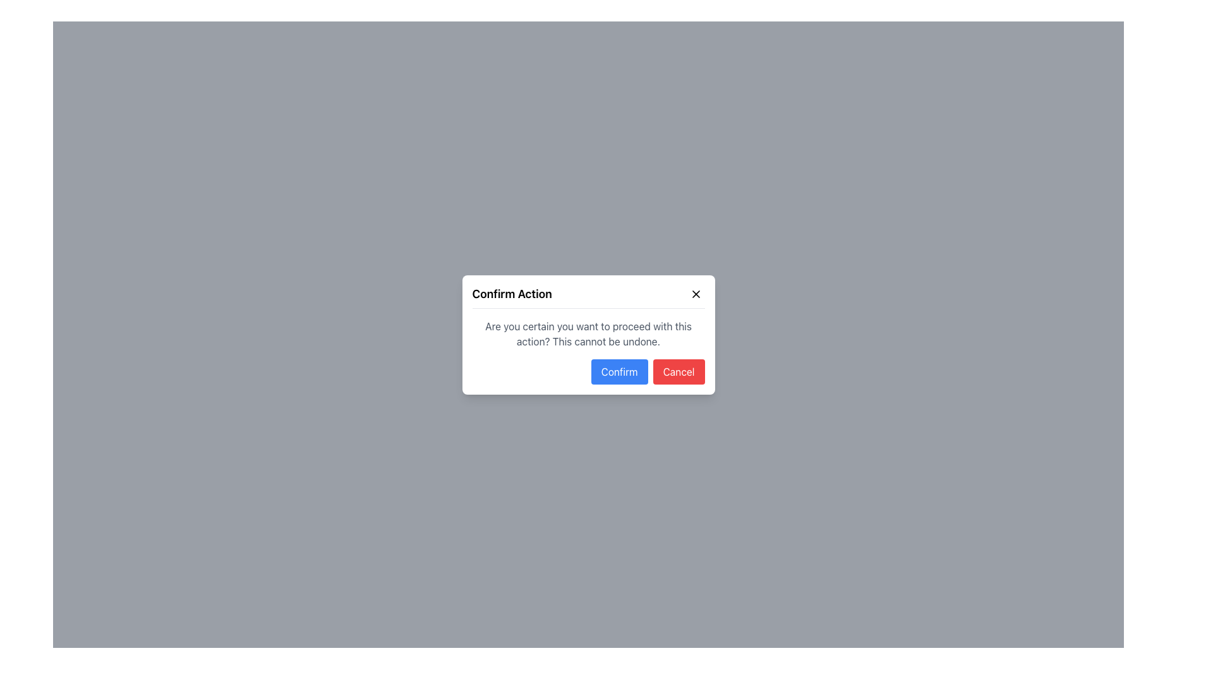 Image resolution: width=1213 pixels, height=682 pixels. What do you see at coordinates (678, 371) in the screenshot?
I see `the 'Cancel' button, which is a rectangular button with a red background and white text, located at the bottom-right of the dialog box` at bounding box center [678, 371].